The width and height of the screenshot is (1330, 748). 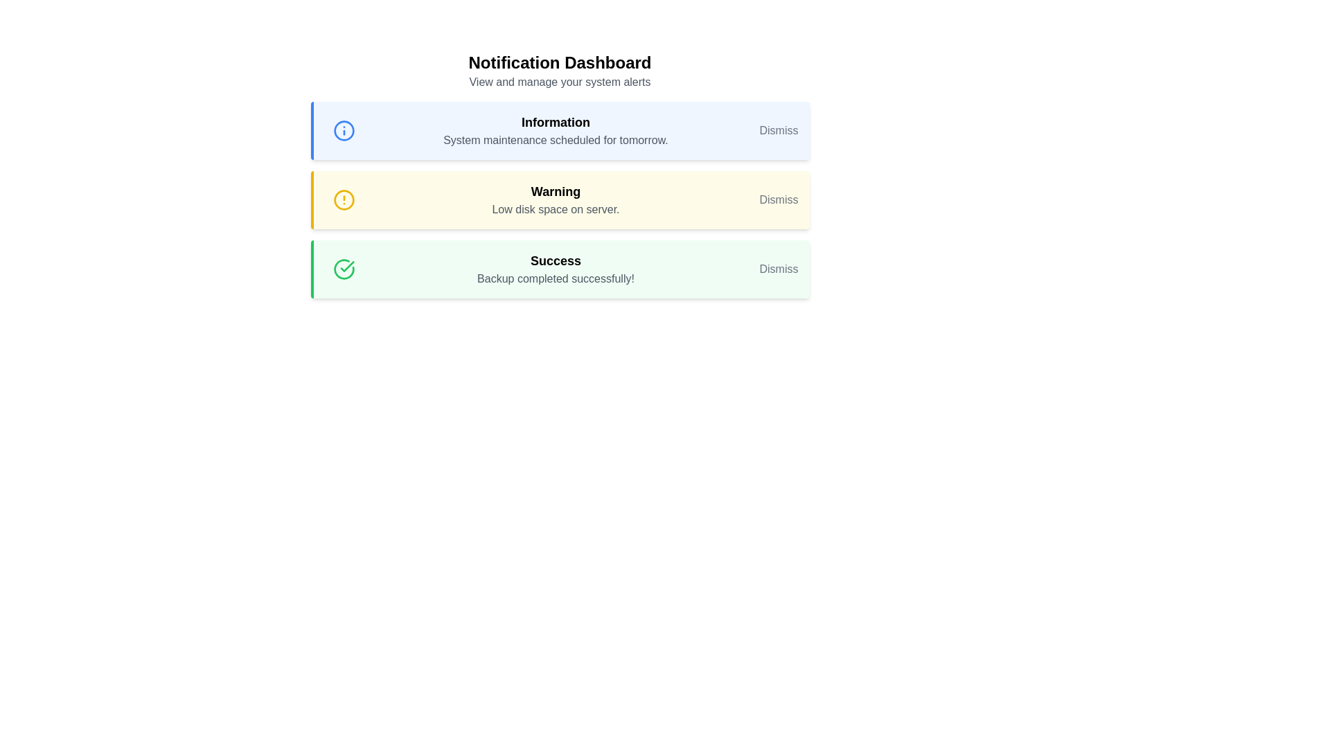 What do you see at coordinates (344, 269) in the screenshot?
I see `the success icon located in the third notification card from the top, which is positioned to the far left of the card labeled 'Success'` at bounding box center [344, 269].